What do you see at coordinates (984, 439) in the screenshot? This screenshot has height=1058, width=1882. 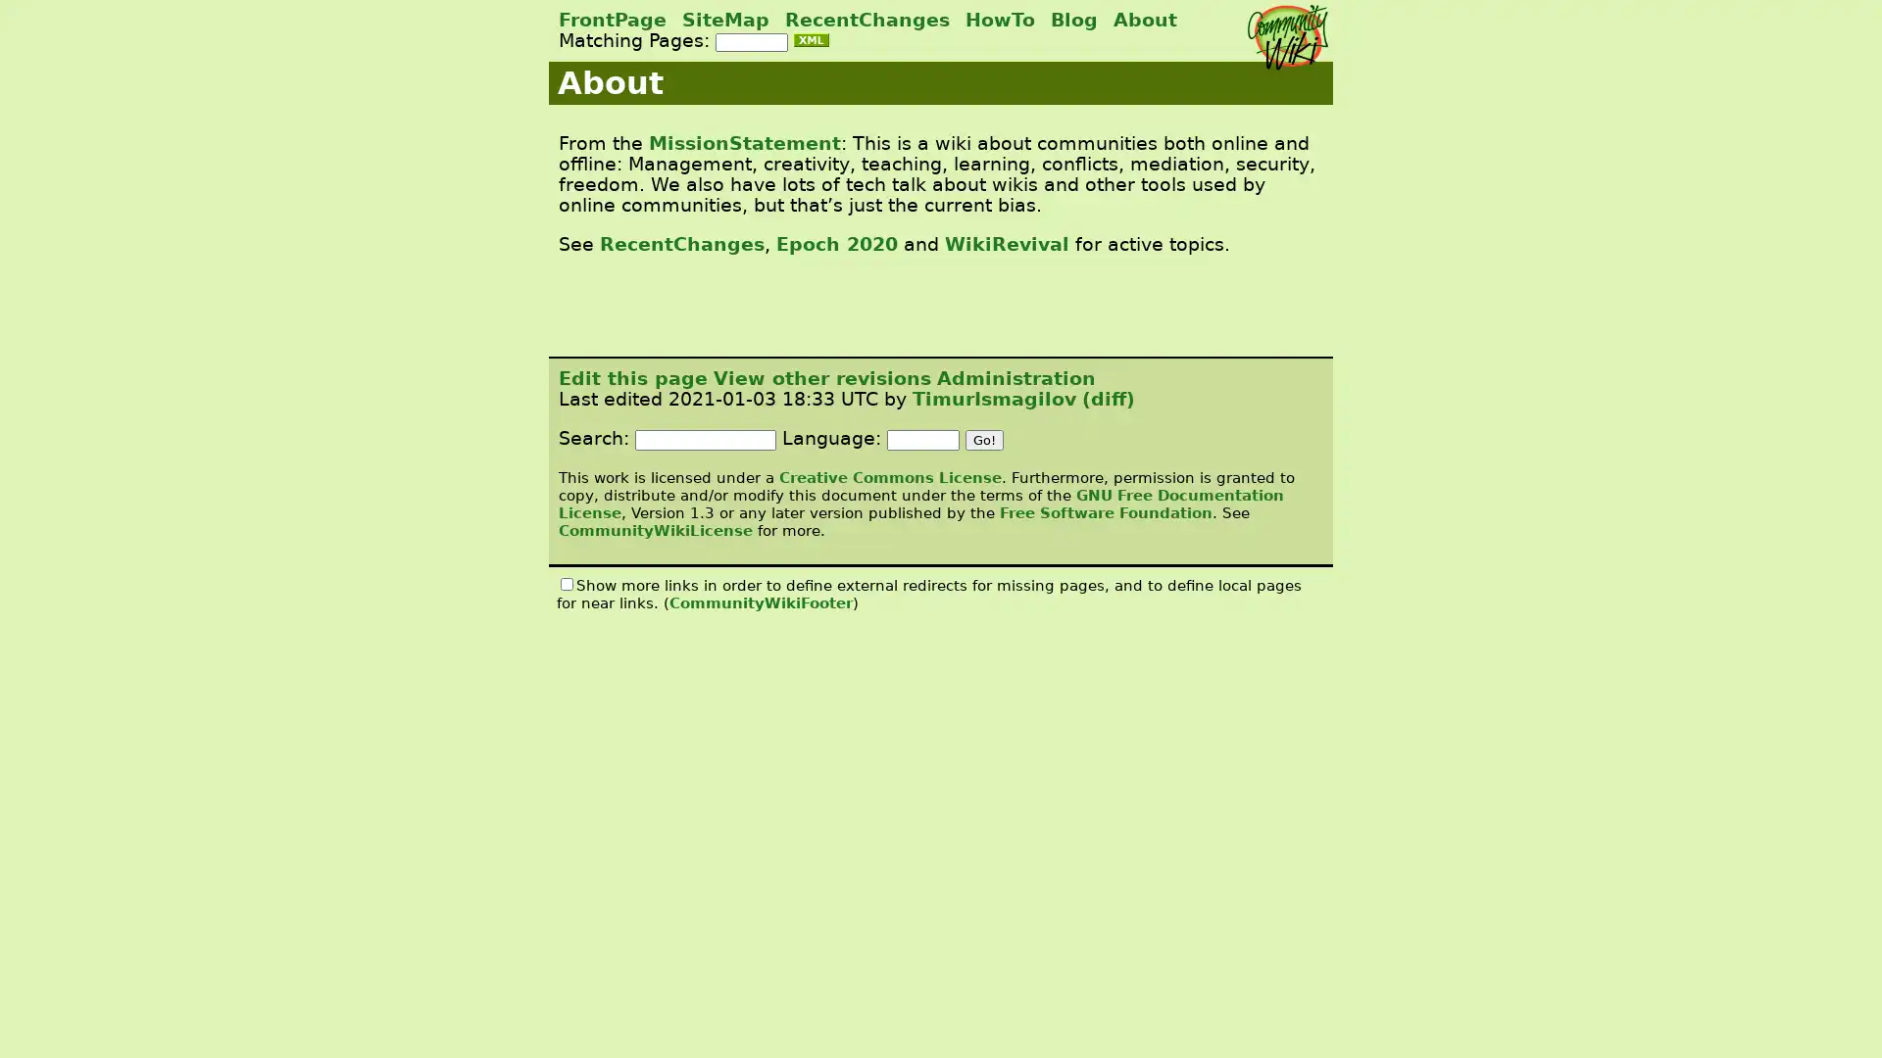 I see `Go!` at bounding box center [984, 439].